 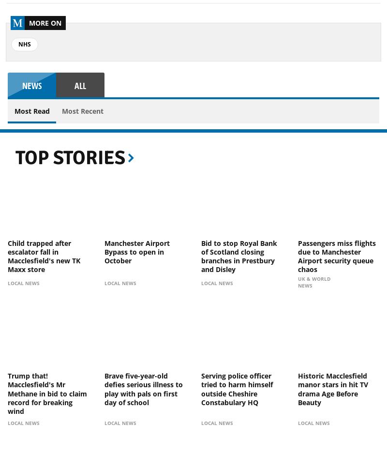 What do you see at coordinates (15, 157) in the screenshot?
I see `'Top Stories'` at bounding box center [15, 157].